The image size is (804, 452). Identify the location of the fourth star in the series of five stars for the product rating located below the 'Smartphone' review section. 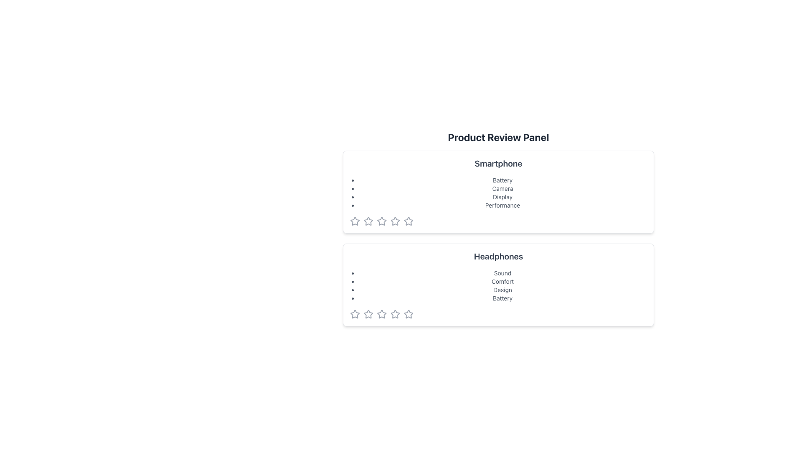
(381, 221).